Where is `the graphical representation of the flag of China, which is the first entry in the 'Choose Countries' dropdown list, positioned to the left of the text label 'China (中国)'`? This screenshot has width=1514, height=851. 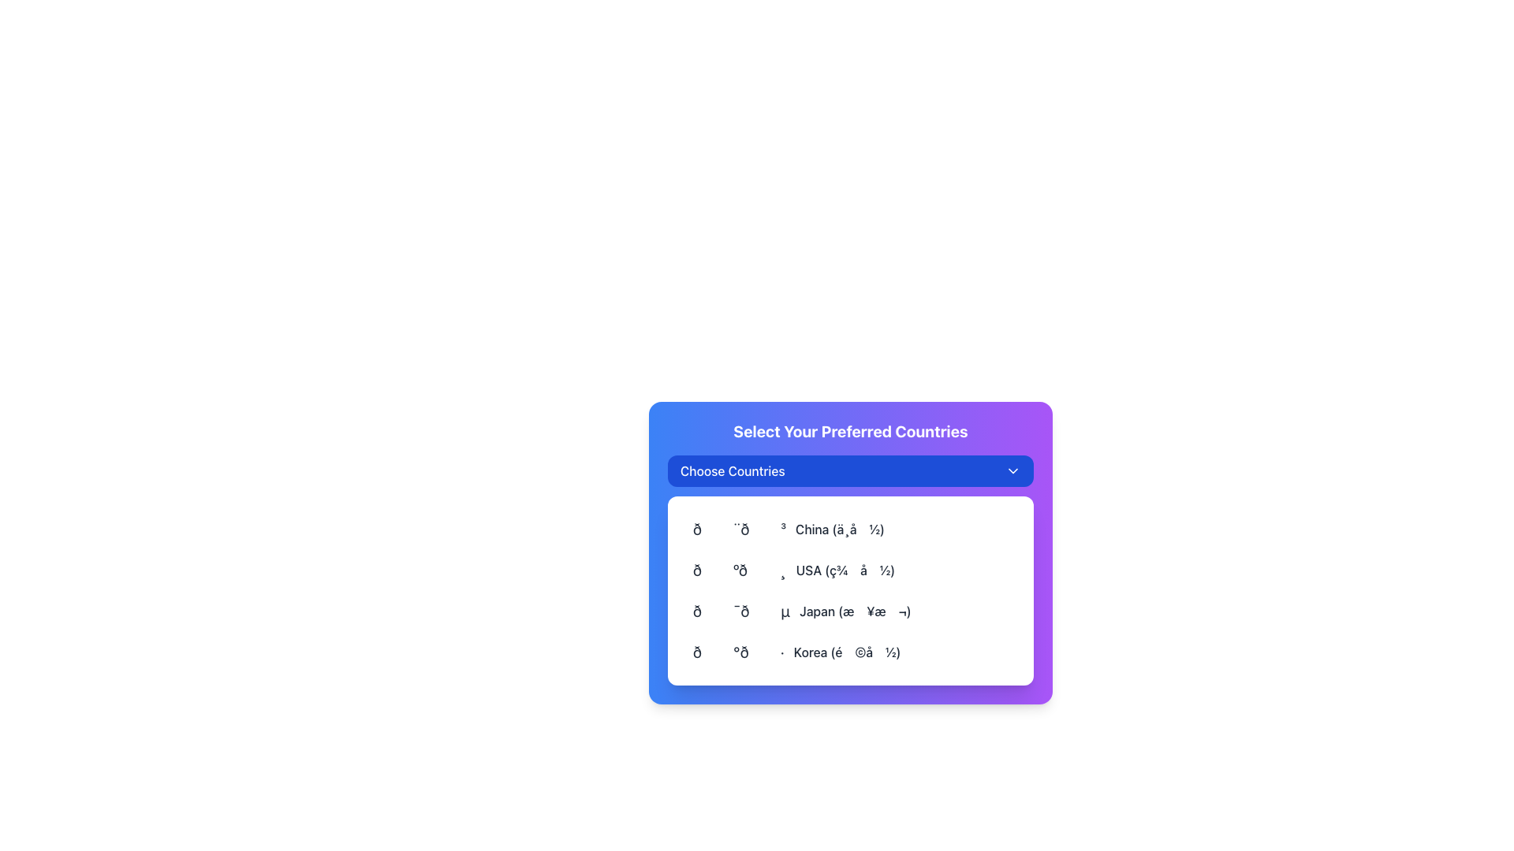
the graphical representation of the flag of China, which is the first entry in the 'Choose Countries' dropdown list, positioned to the left of the text label 'China (中国)' is located at coordinates (738, 529).